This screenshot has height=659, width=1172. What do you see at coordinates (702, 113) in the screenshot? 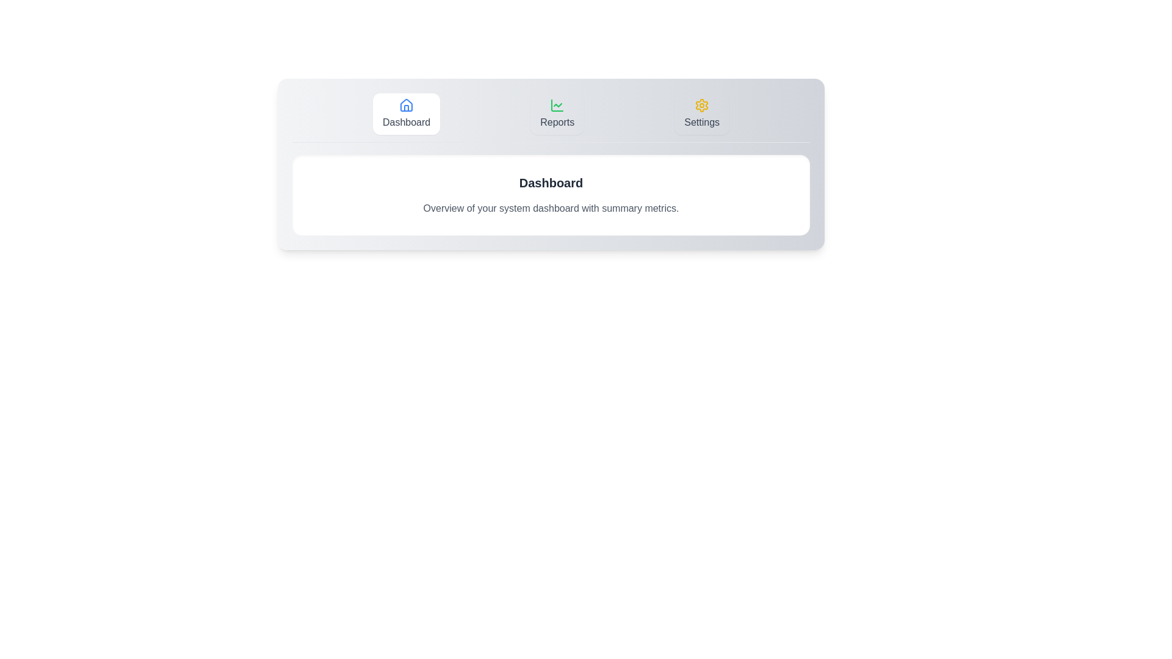
I see `the Settings tab to switch to its content view` at bounding box center [702, 113].